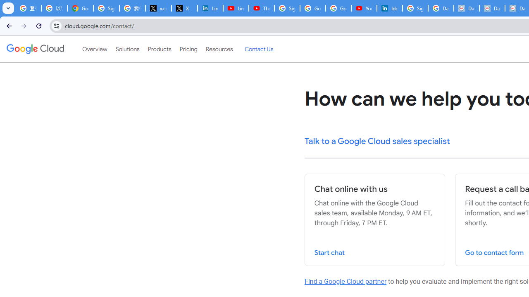 The height and width of the screenshot is (297, 529). I want to click on 'Data Privacy Framework', so click(492, 8).